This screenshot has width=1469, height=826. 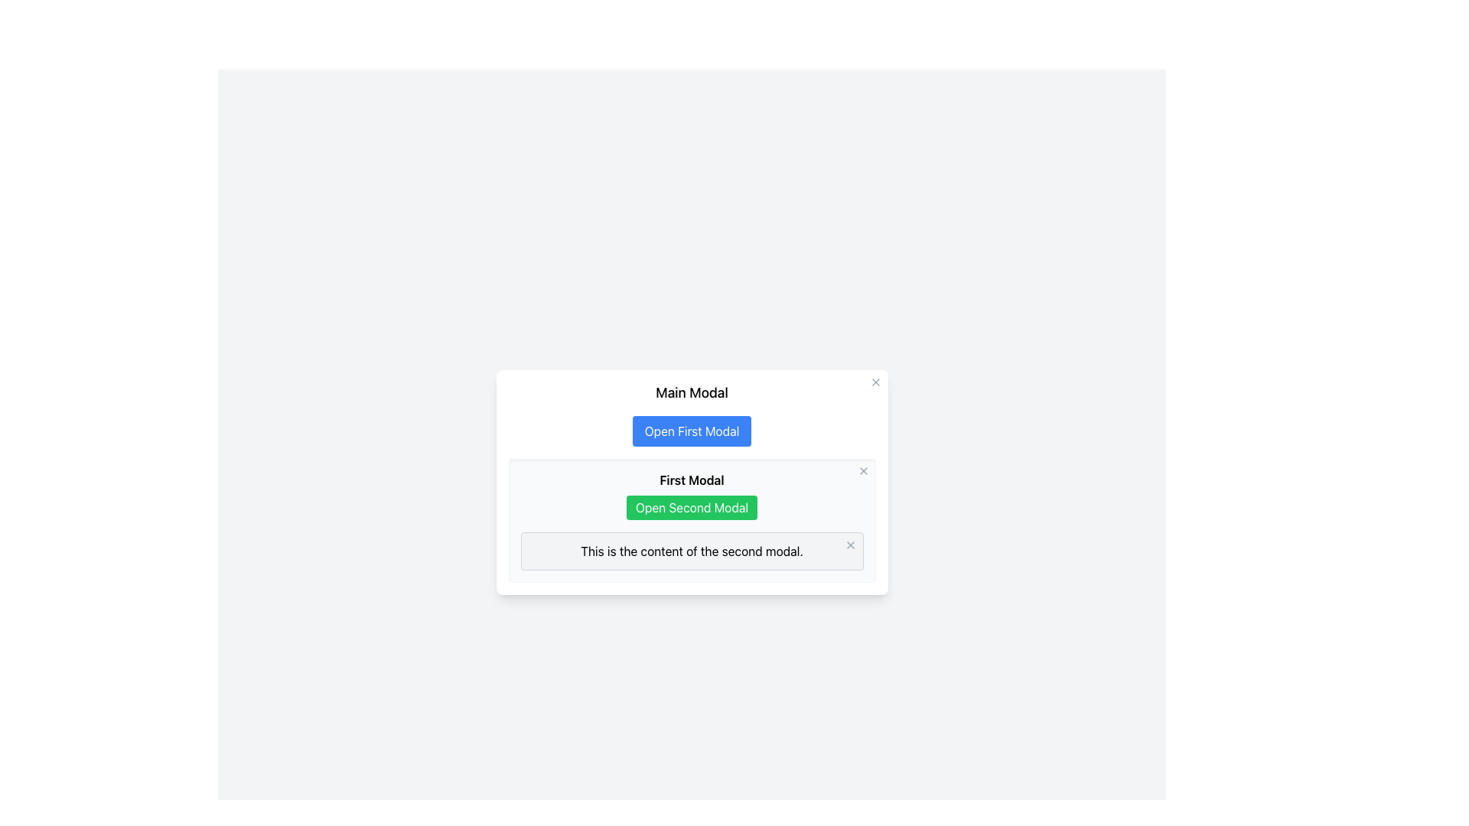 I want to click on the static text label that serves as the title of the modal dialog, located between the close button and the 'Open Second Modal' button, so click(x=691, y=480).